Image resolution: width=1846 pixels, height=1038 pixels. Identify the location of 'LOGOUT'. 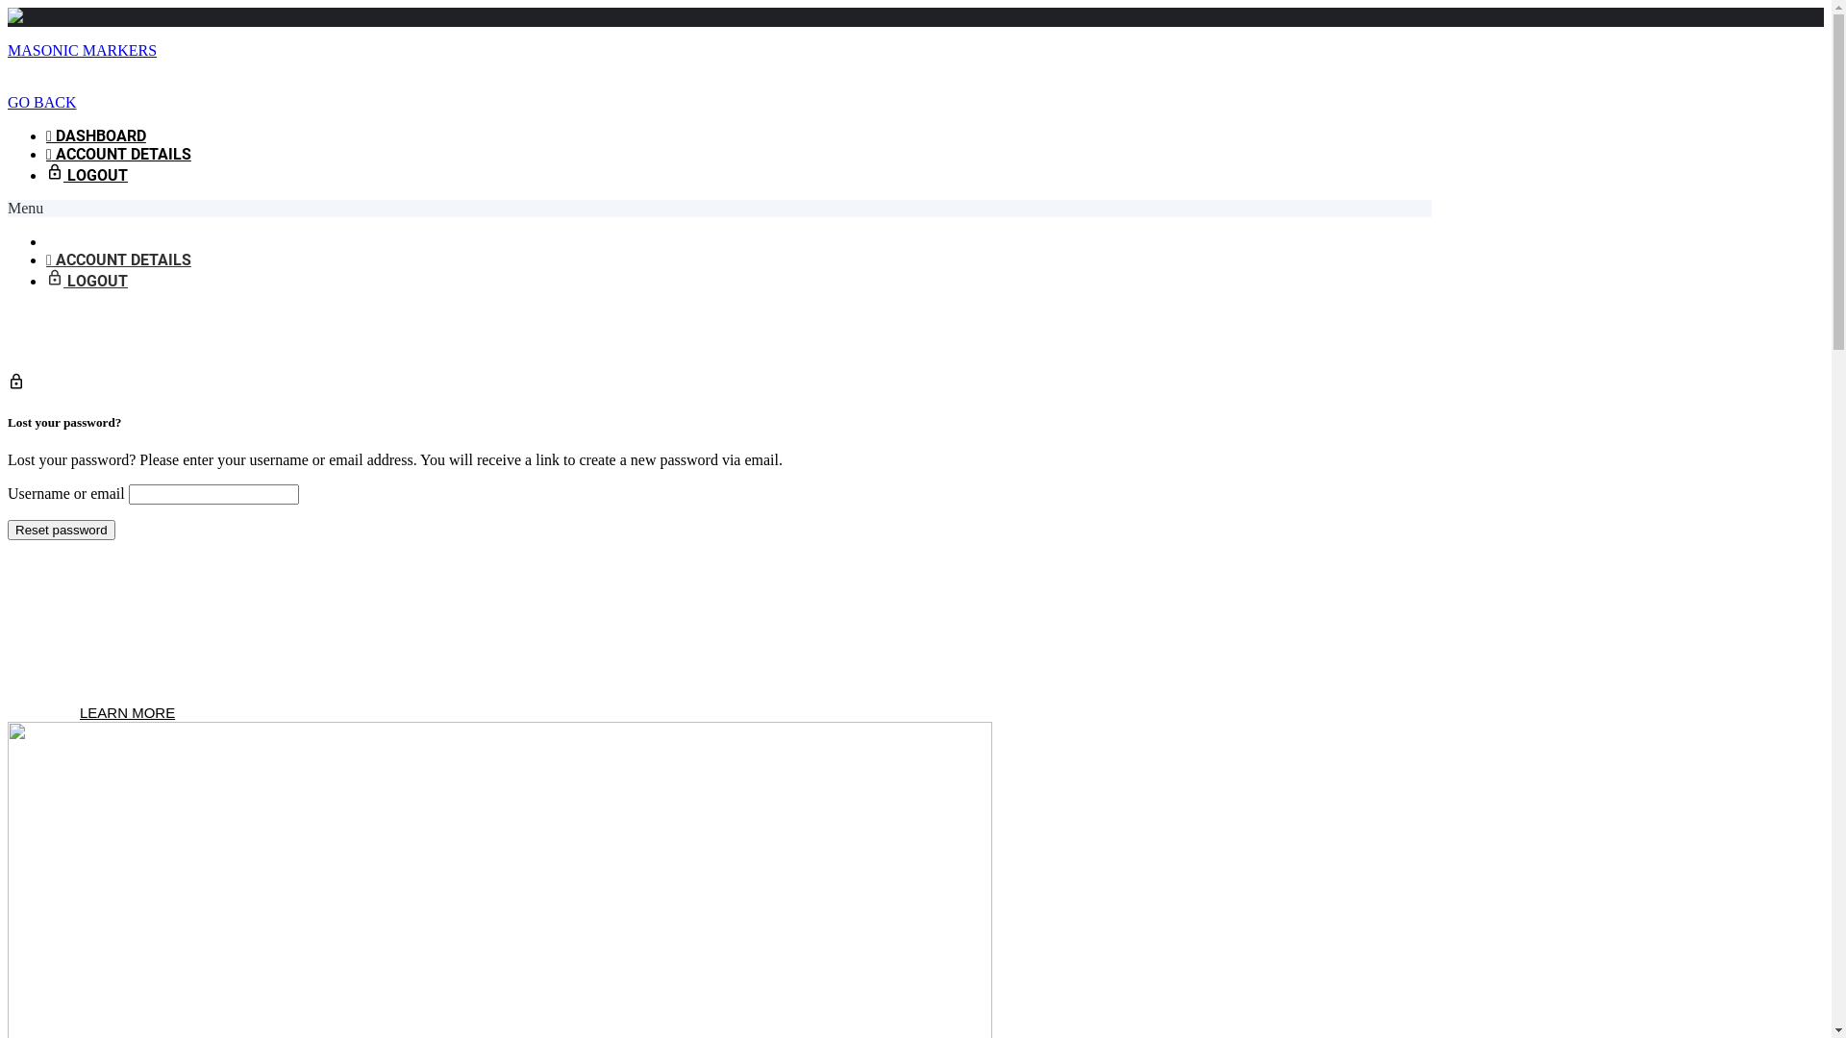
(86, 281).